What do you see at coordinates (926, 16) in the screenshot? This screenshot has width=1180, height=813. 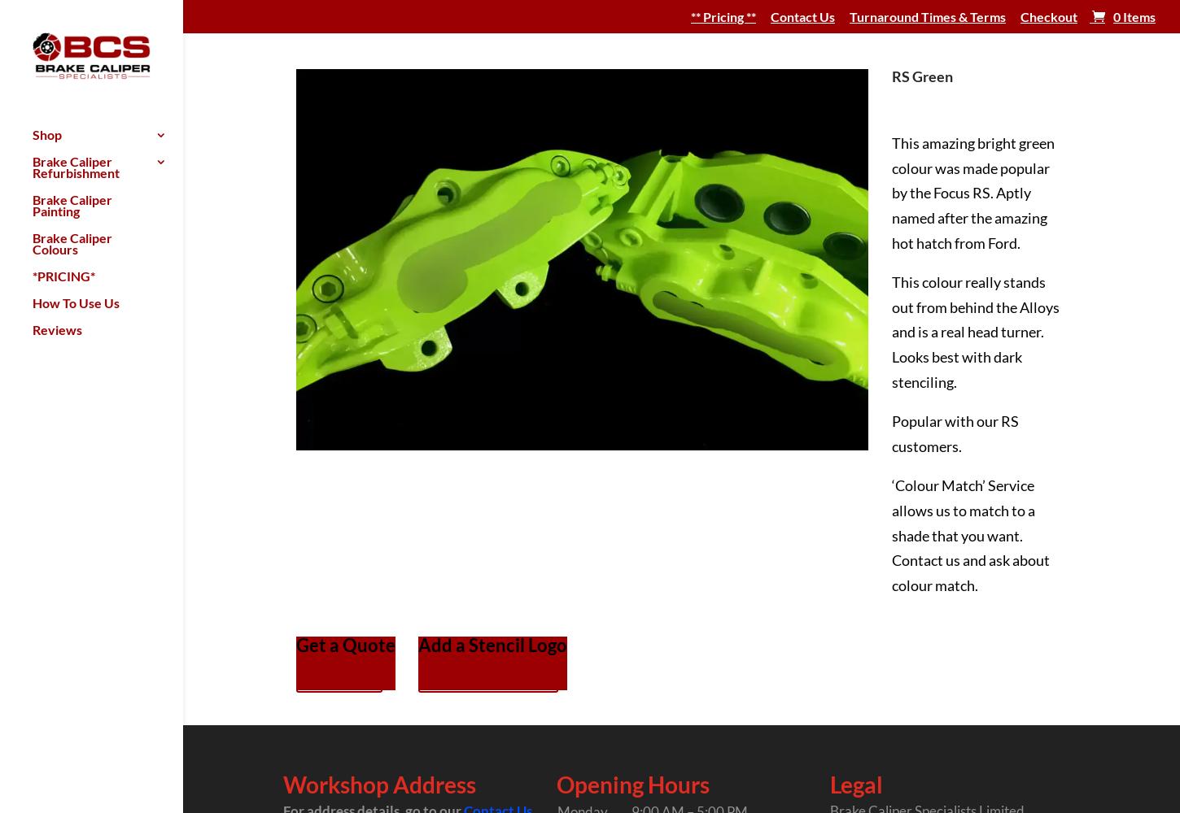 I see `'Turnaround Times & Terms'` at bounding box center [926, 16].